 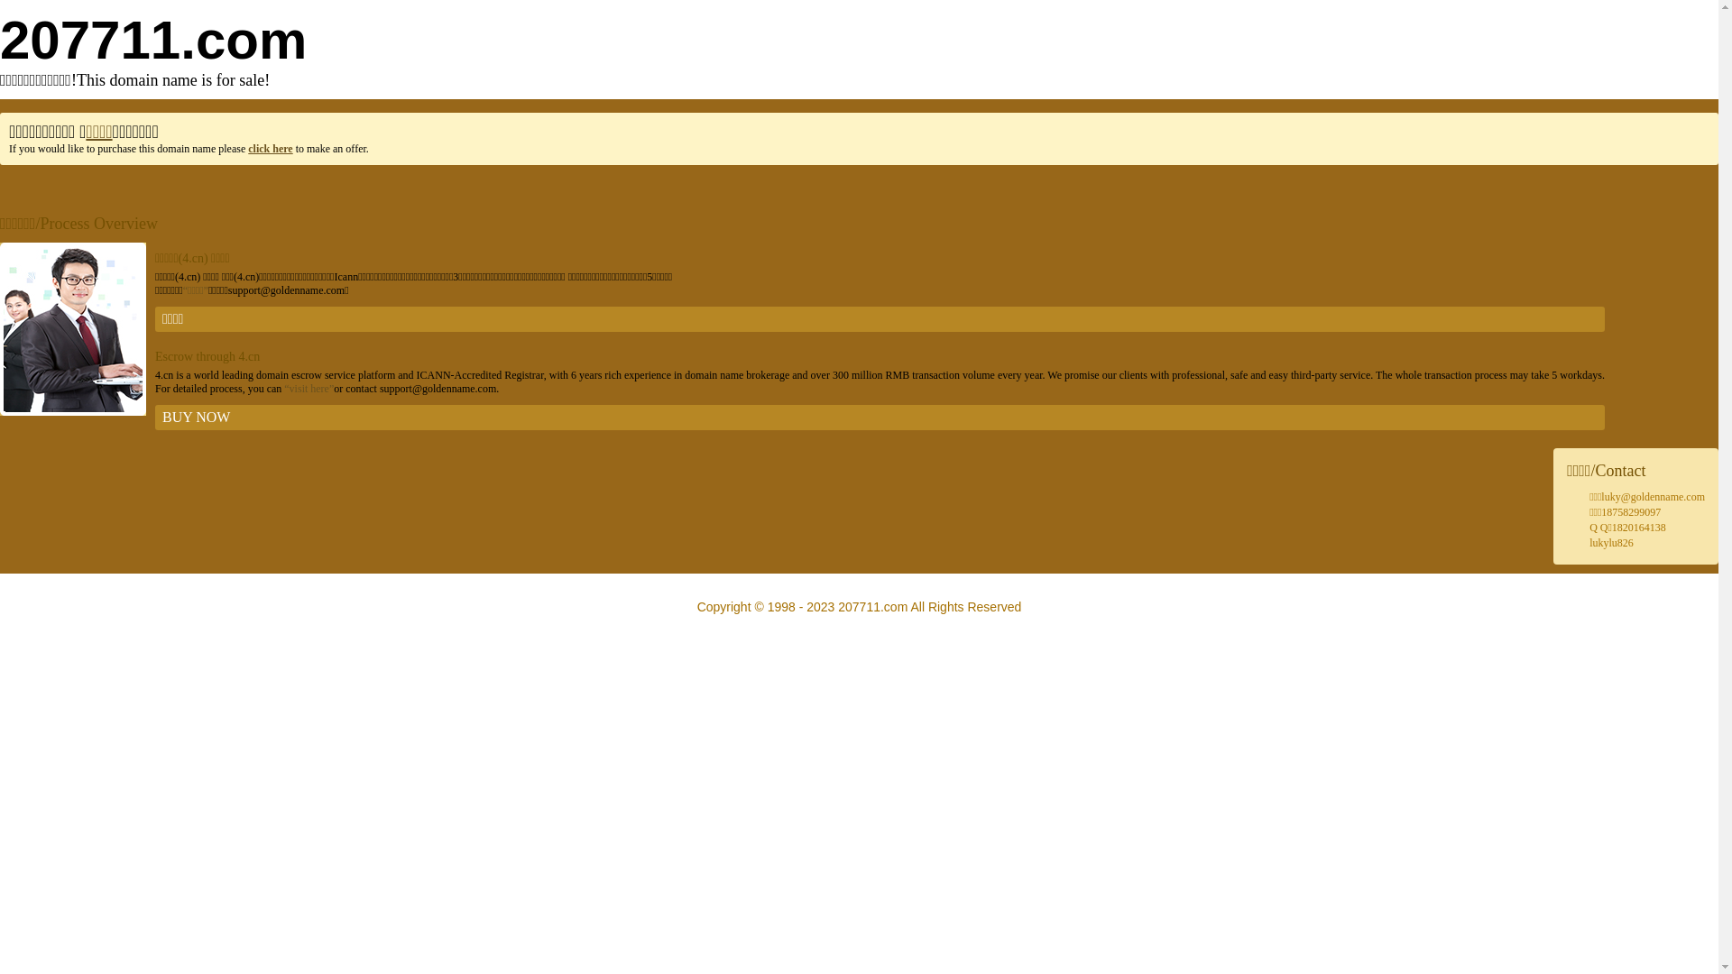 I want to click on 'click here', so click(x=269, y=148).